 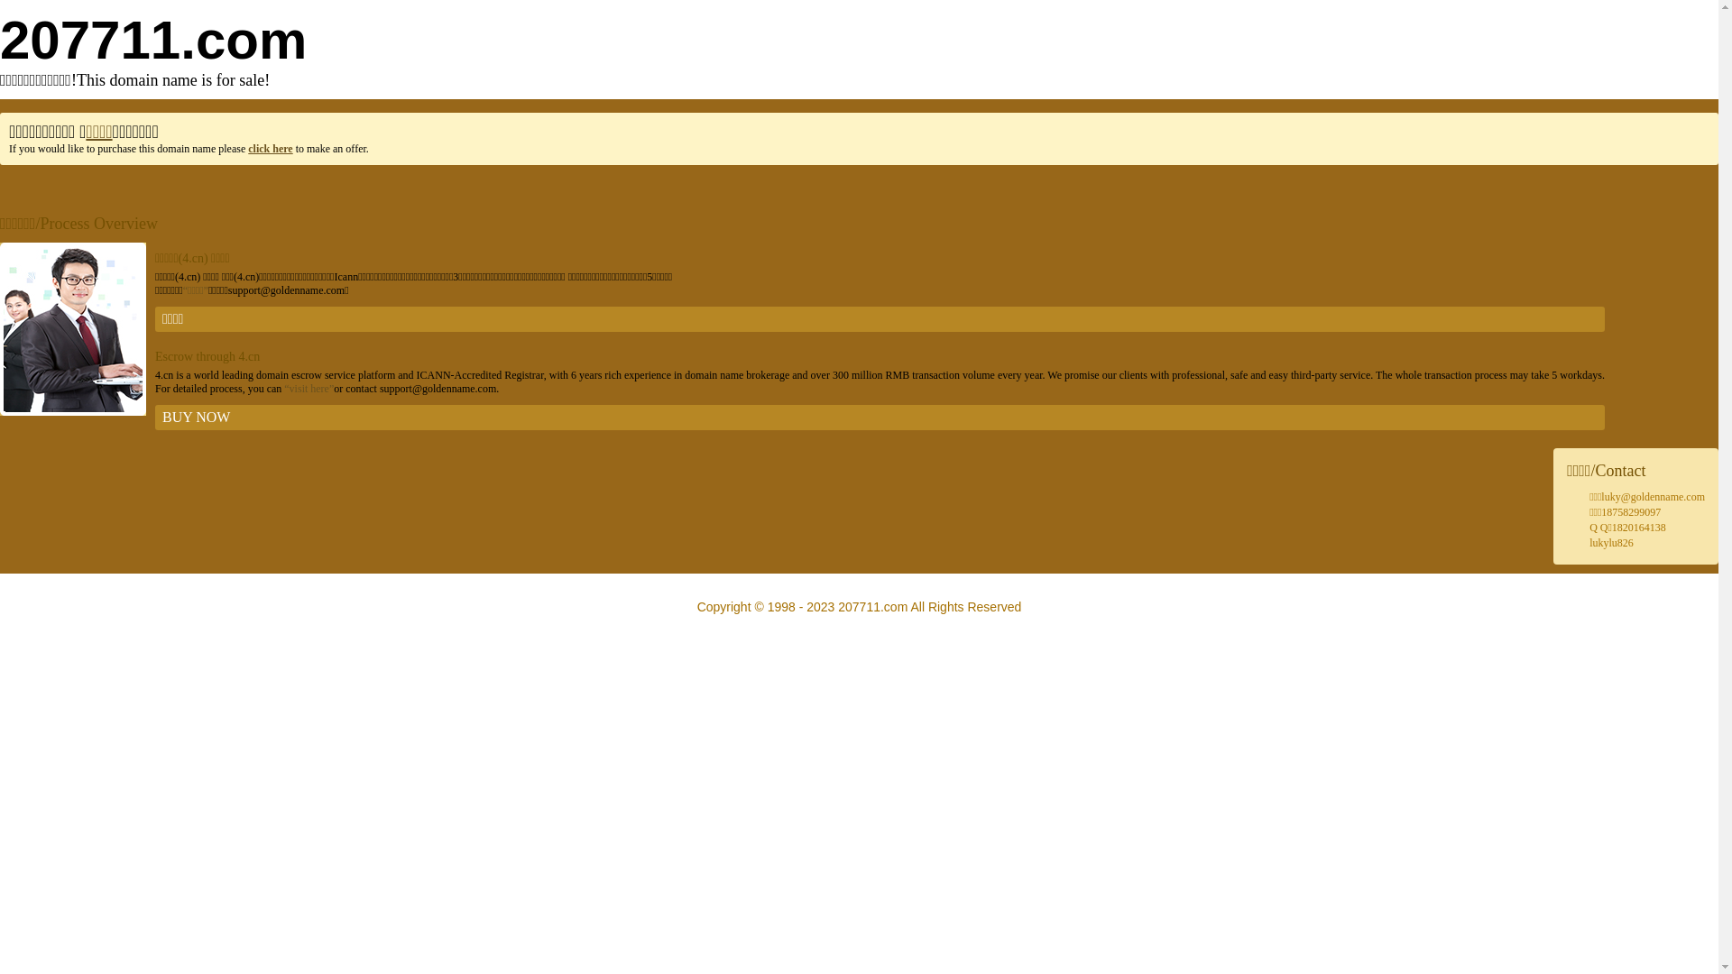 I want to click on 'click here', so click(x=269, y=148).